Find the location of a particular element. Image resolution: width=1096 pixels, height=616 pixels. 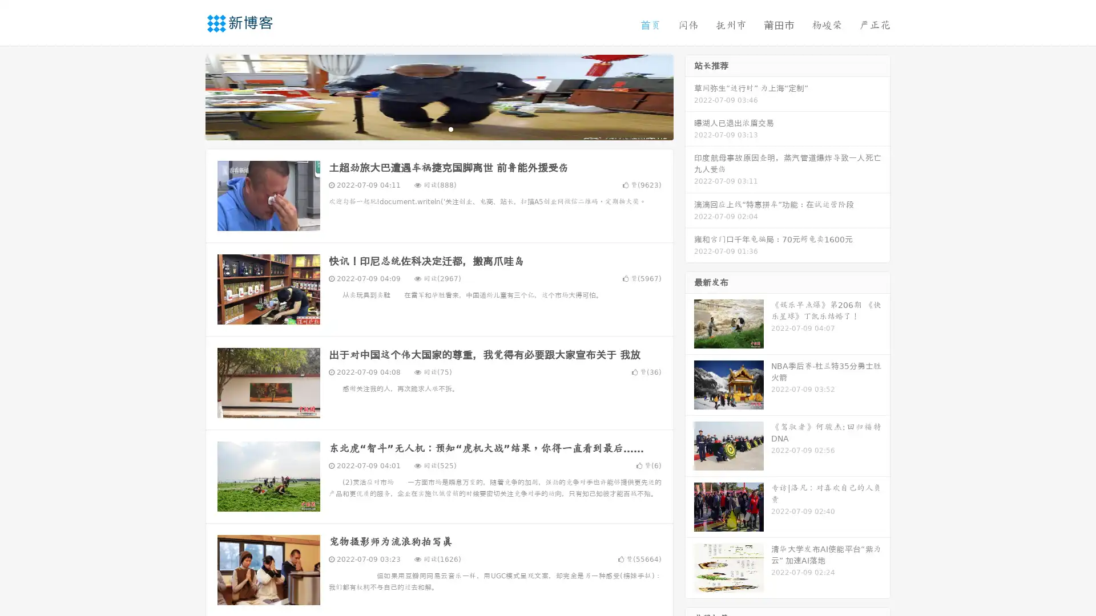

Previous slide is located at coordinates (188, 96).